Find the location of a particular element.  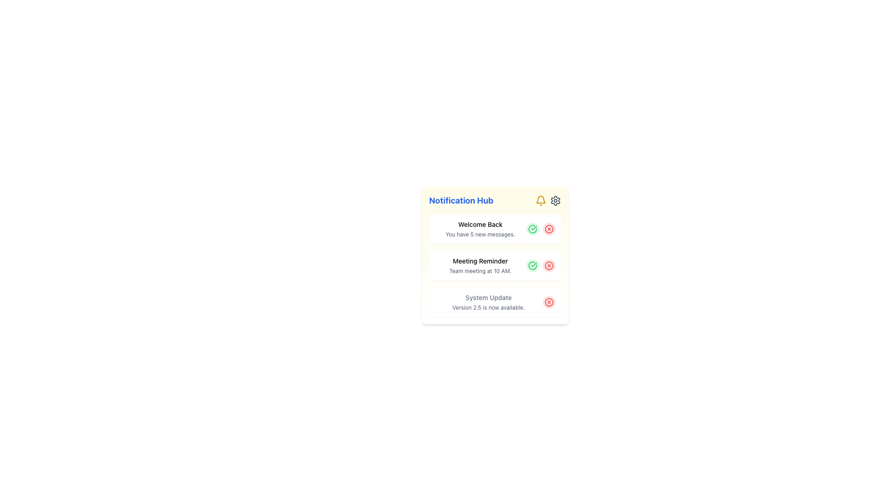

the text label that denotes the title or heading of the notification panel, which is located in the top-left corner next to interactive icons is located at coordinates (461, 200).